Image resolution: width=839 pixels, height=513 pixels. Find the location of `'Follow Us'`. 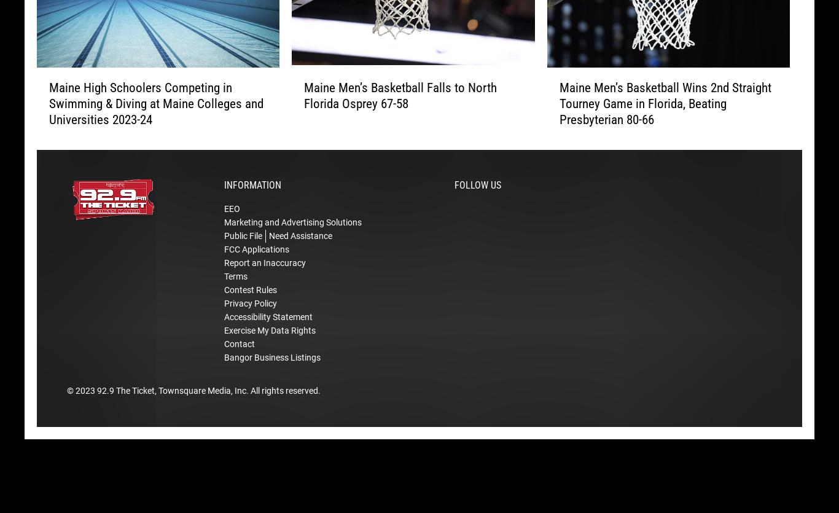

'Follow Us' is located at coordinates (477, 203).